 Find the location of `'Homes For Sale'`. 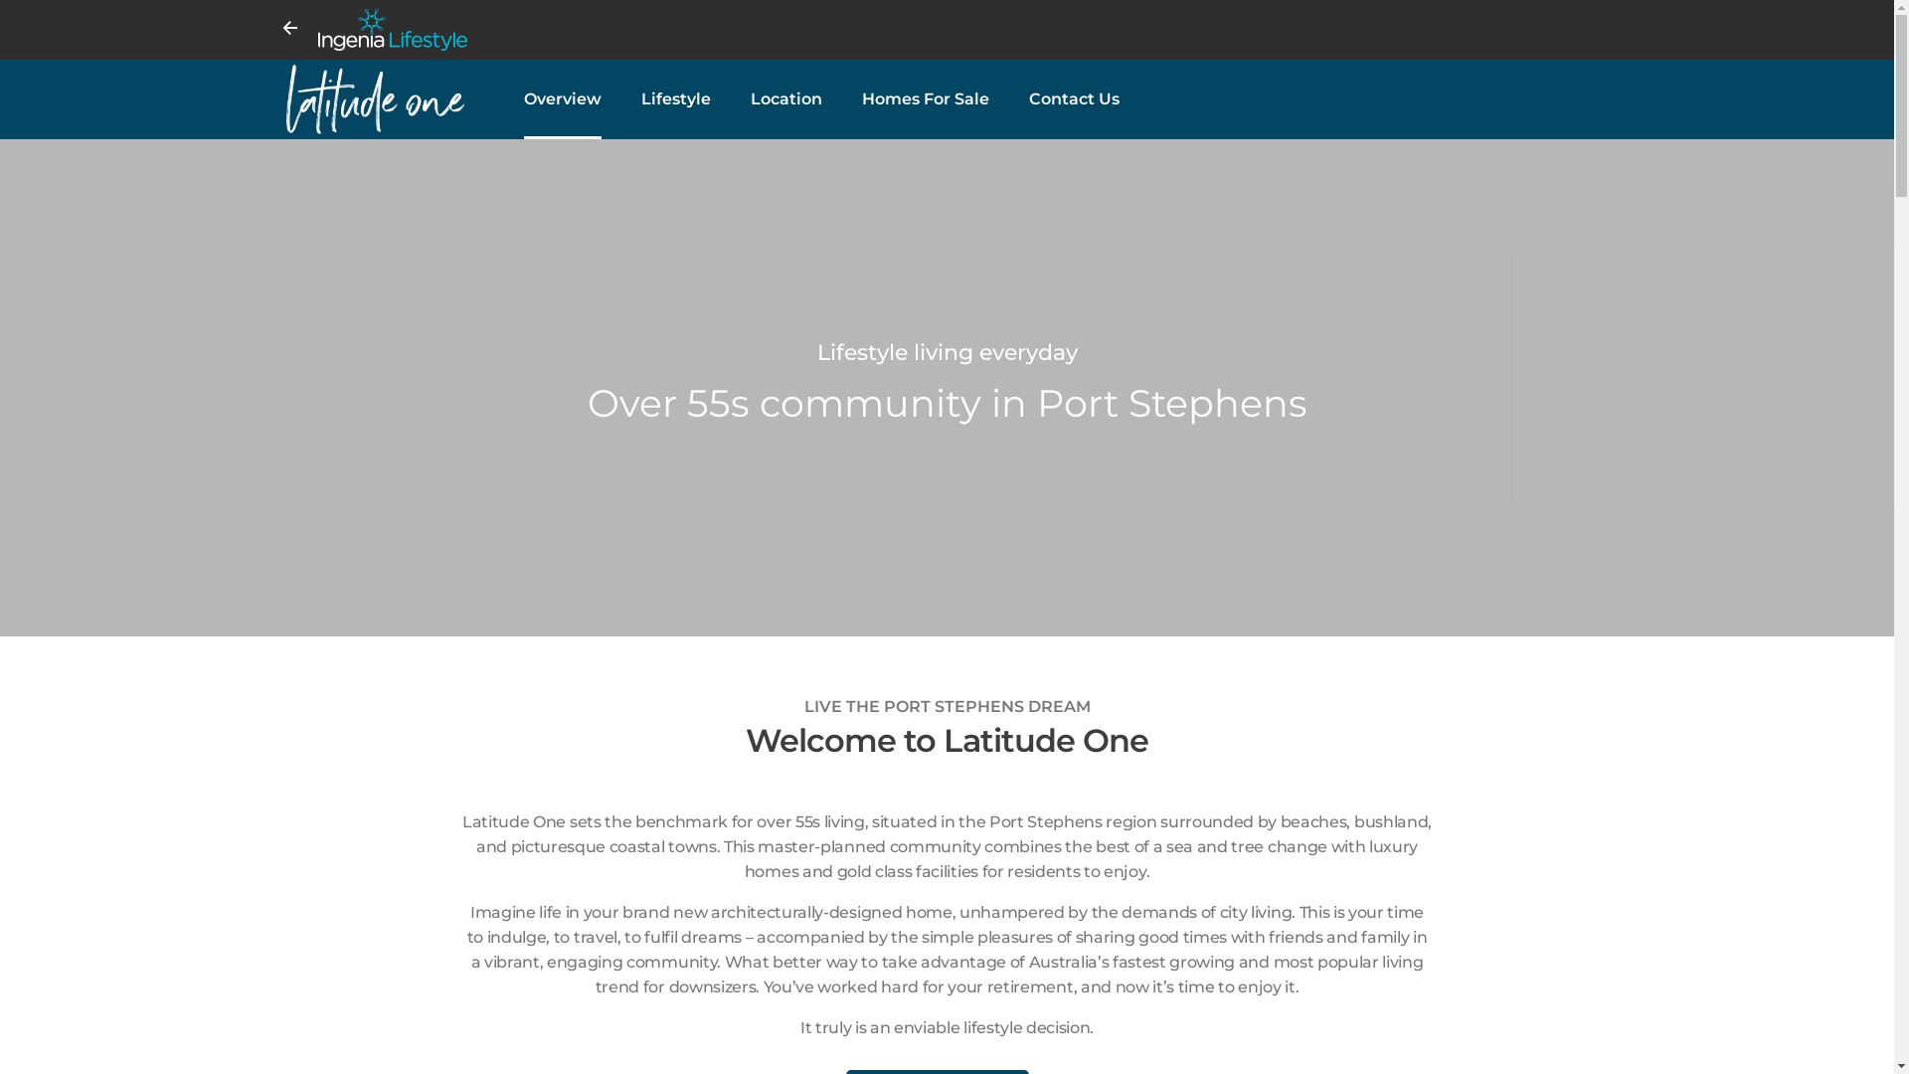

'Homes For Sale' is located at coordinates (862, 99).